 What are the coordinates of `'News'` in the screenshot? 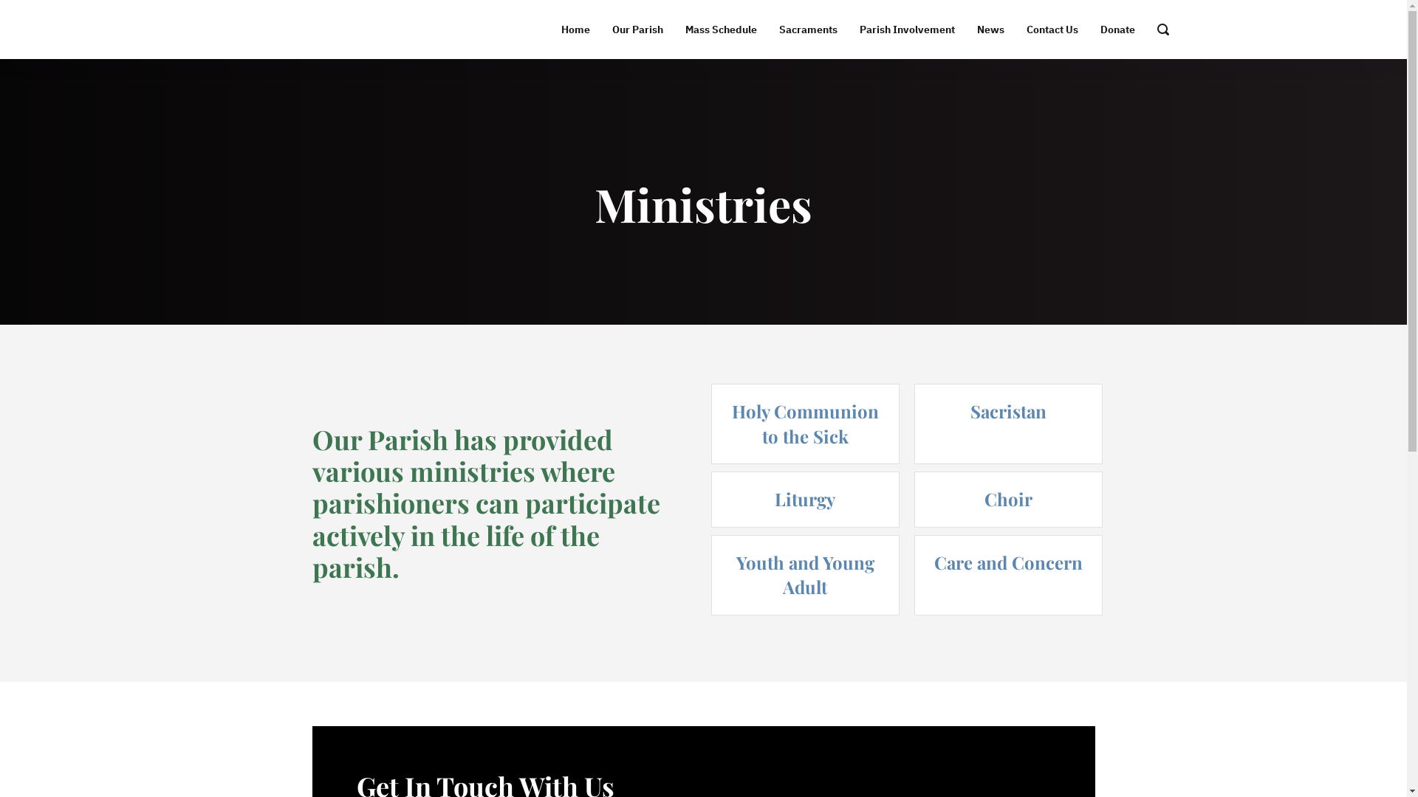 It's located at (990, 29).